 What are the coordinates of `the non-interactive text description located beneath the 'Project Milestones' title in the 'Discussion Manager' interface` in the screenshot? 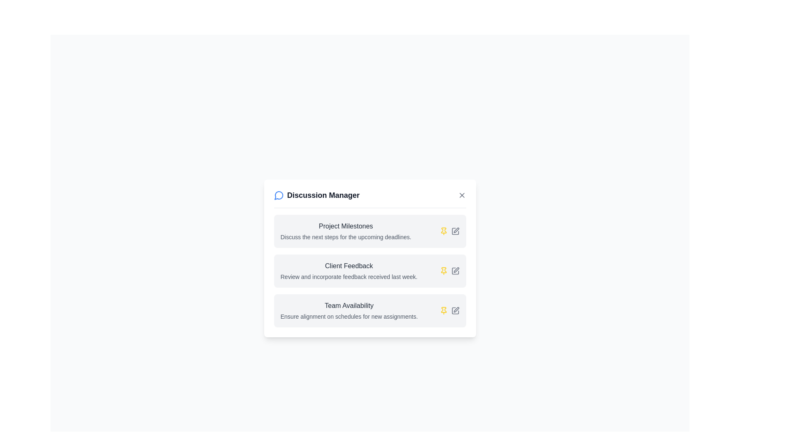 It's located at (346, 237).